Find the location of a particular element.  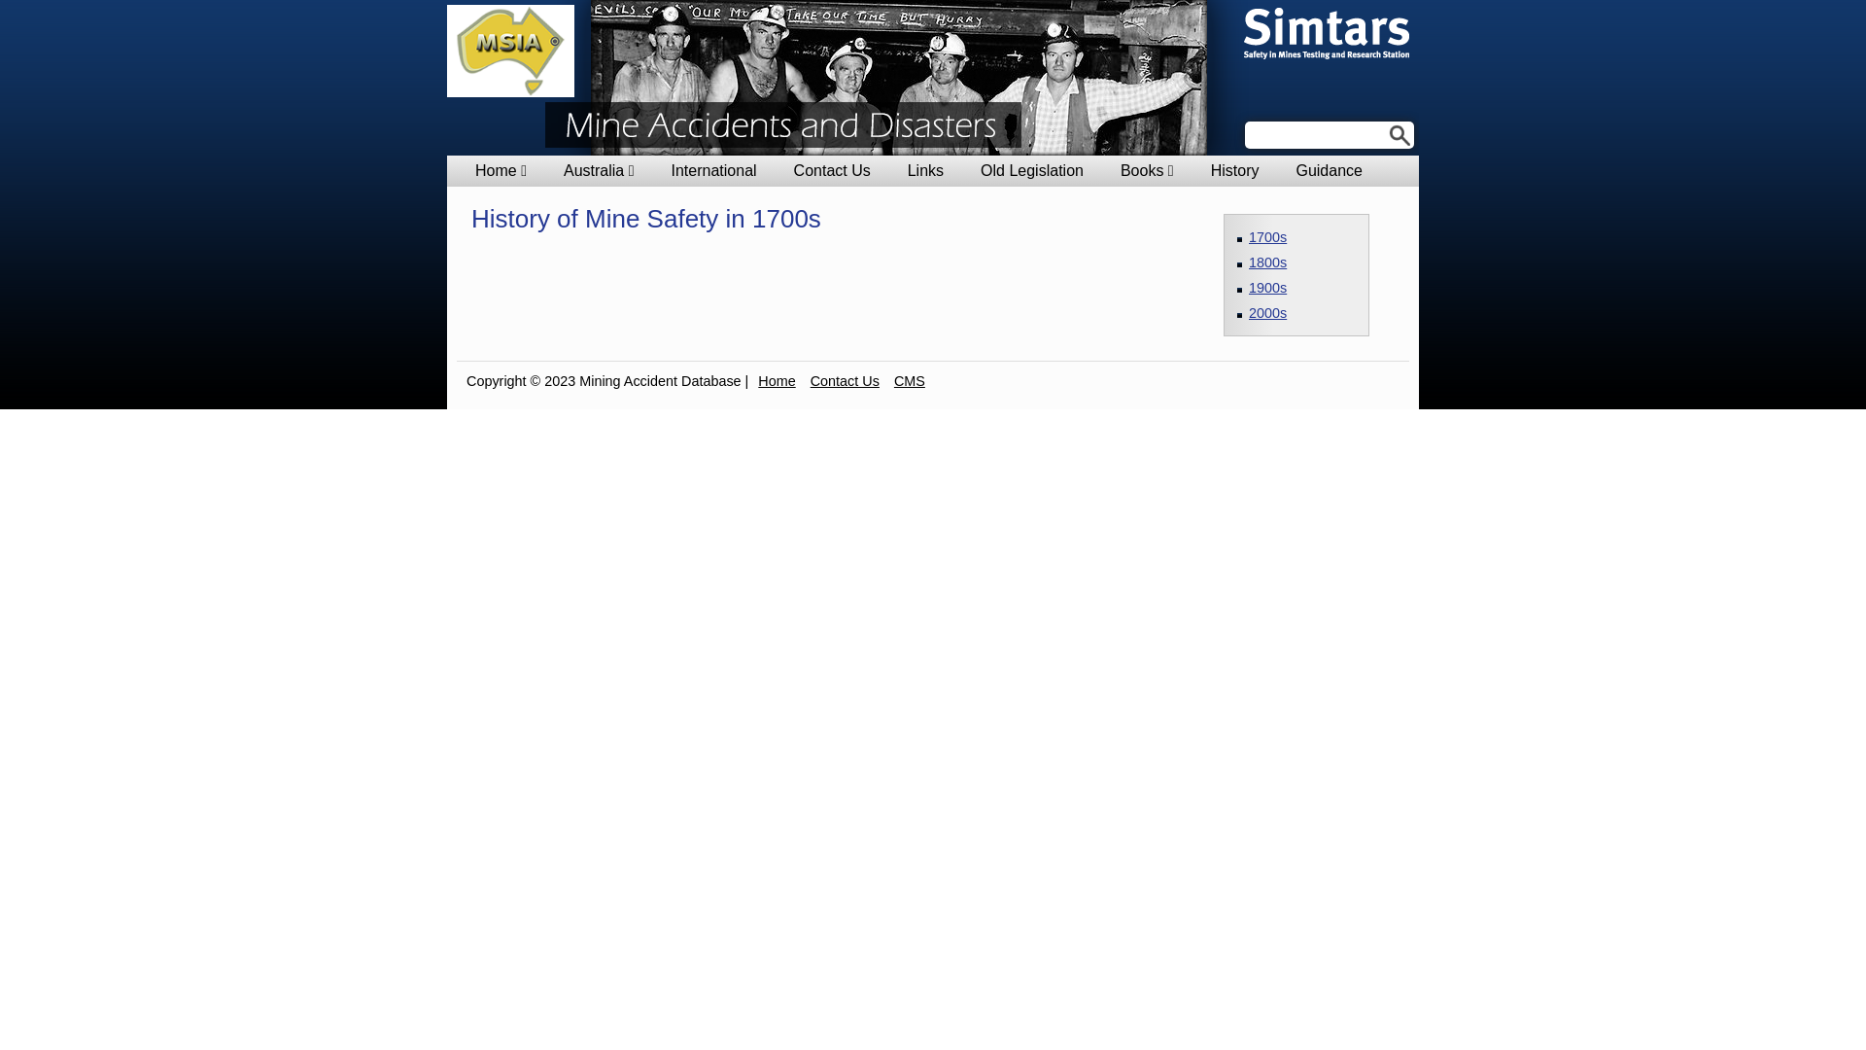

'Guidance' is located at coordinates (1328, 170).